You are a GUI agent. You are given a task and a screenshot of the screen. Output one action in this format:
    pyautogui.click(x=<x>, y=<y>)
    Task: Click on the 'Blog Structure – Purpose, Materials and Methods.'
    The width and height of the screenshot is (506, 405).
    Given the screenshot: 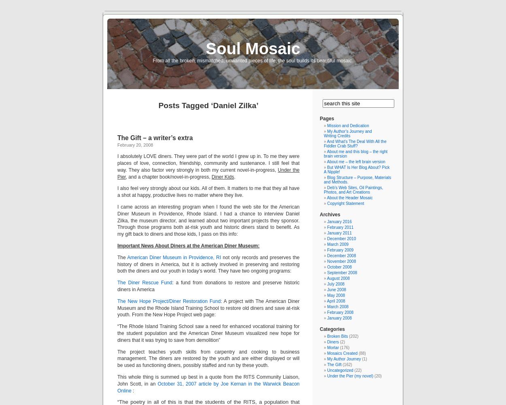 What is the action you would take?
    pyautogui.click(x=357, y=179)
    